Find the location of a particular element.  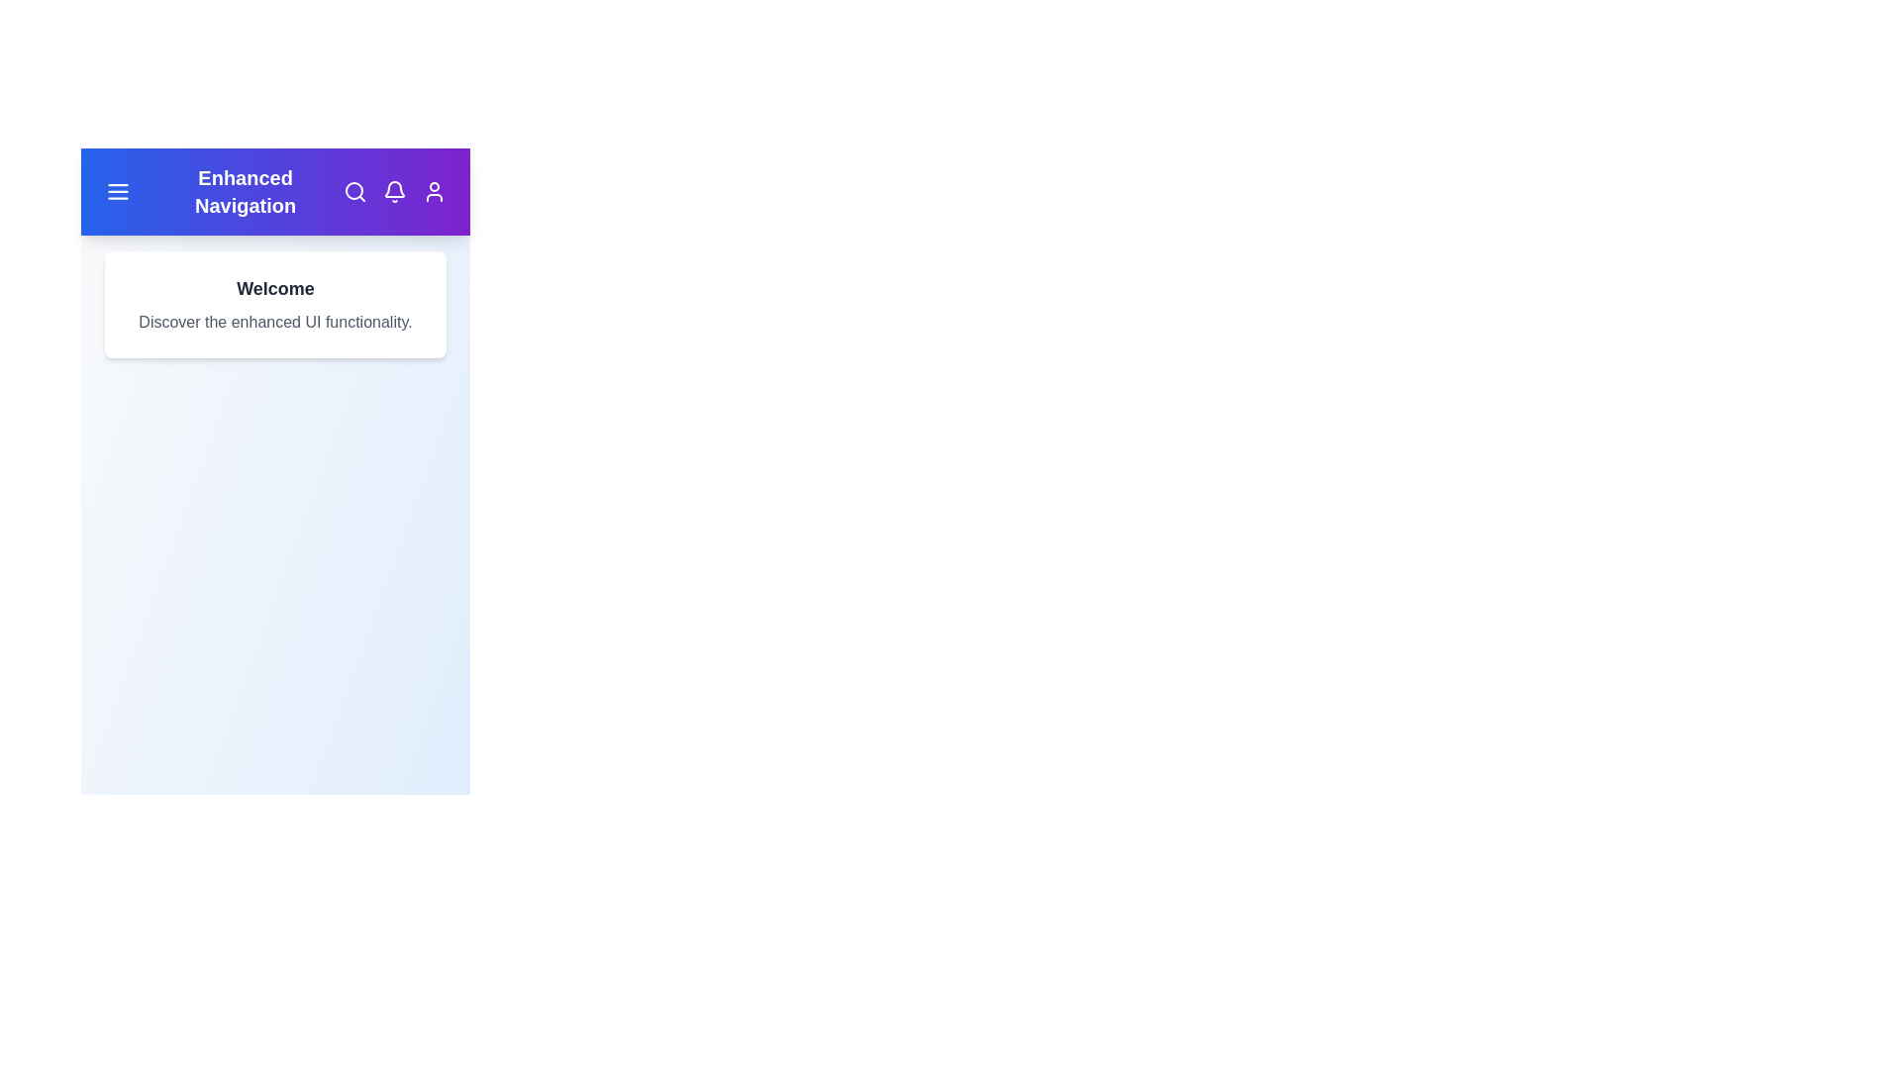

the user icon in the navigation bar is located at coordinates (433, 191).